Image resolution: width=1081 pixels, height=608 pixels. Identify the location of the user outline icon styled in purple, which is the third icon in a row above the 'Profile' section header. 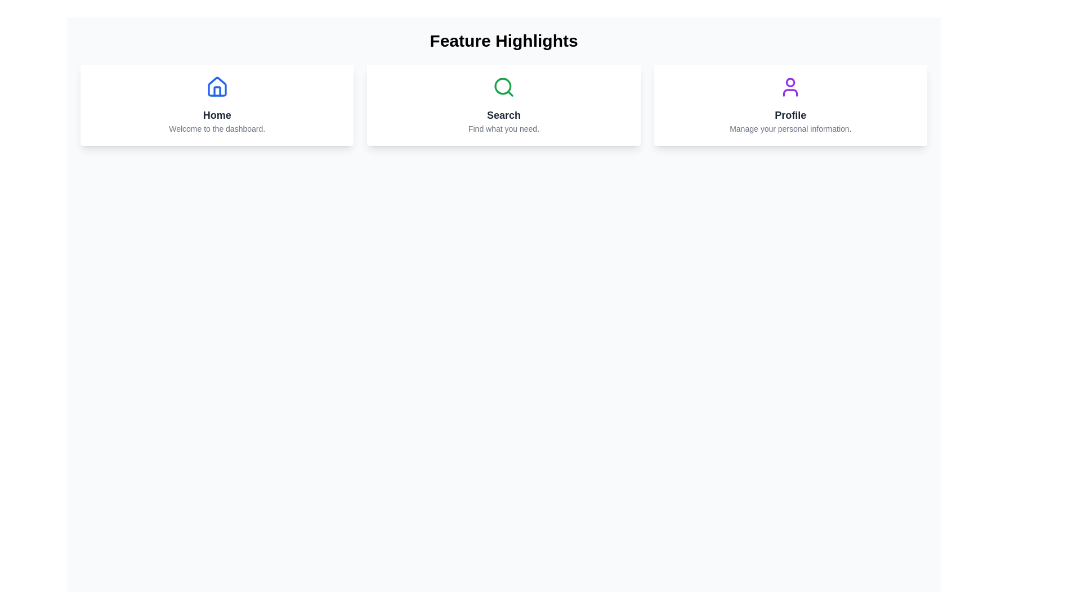
(790, 86).